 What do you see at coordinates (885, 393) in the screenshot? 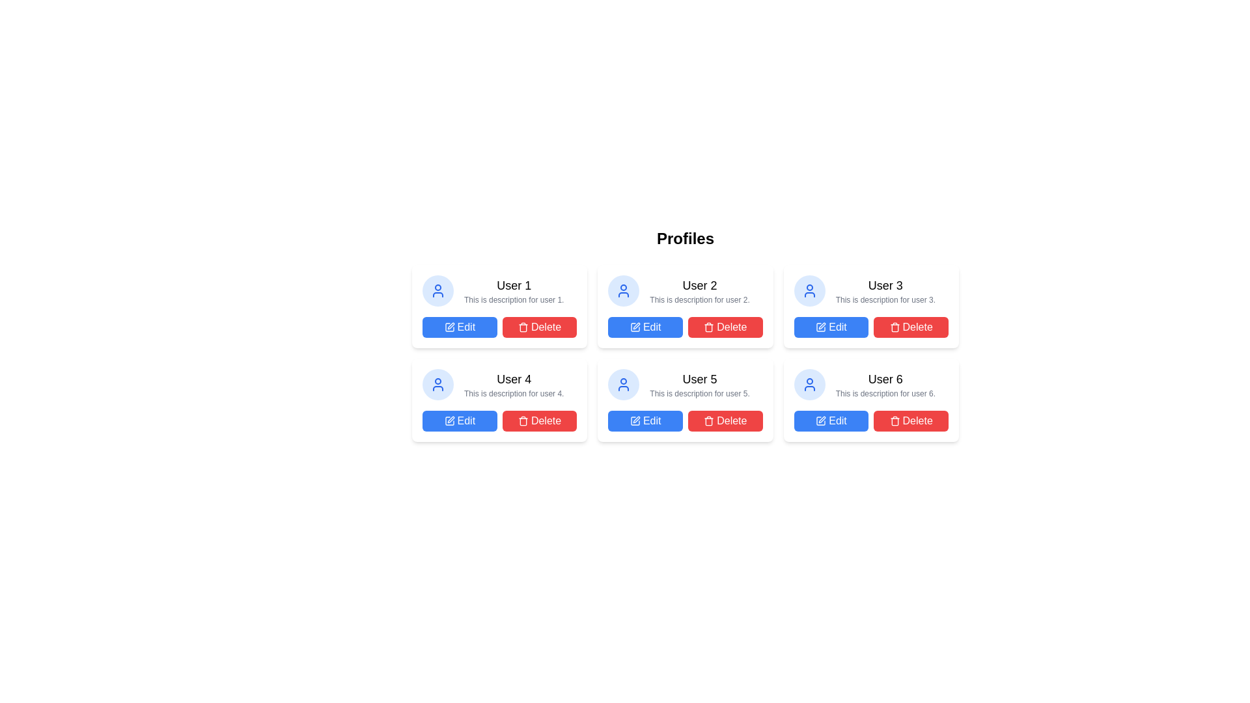
I see `text label that reads 'This is description for user 6.' located below the user name 'User 6' on the bottom-right card in the grid layout` at bounding box center [885, 393].